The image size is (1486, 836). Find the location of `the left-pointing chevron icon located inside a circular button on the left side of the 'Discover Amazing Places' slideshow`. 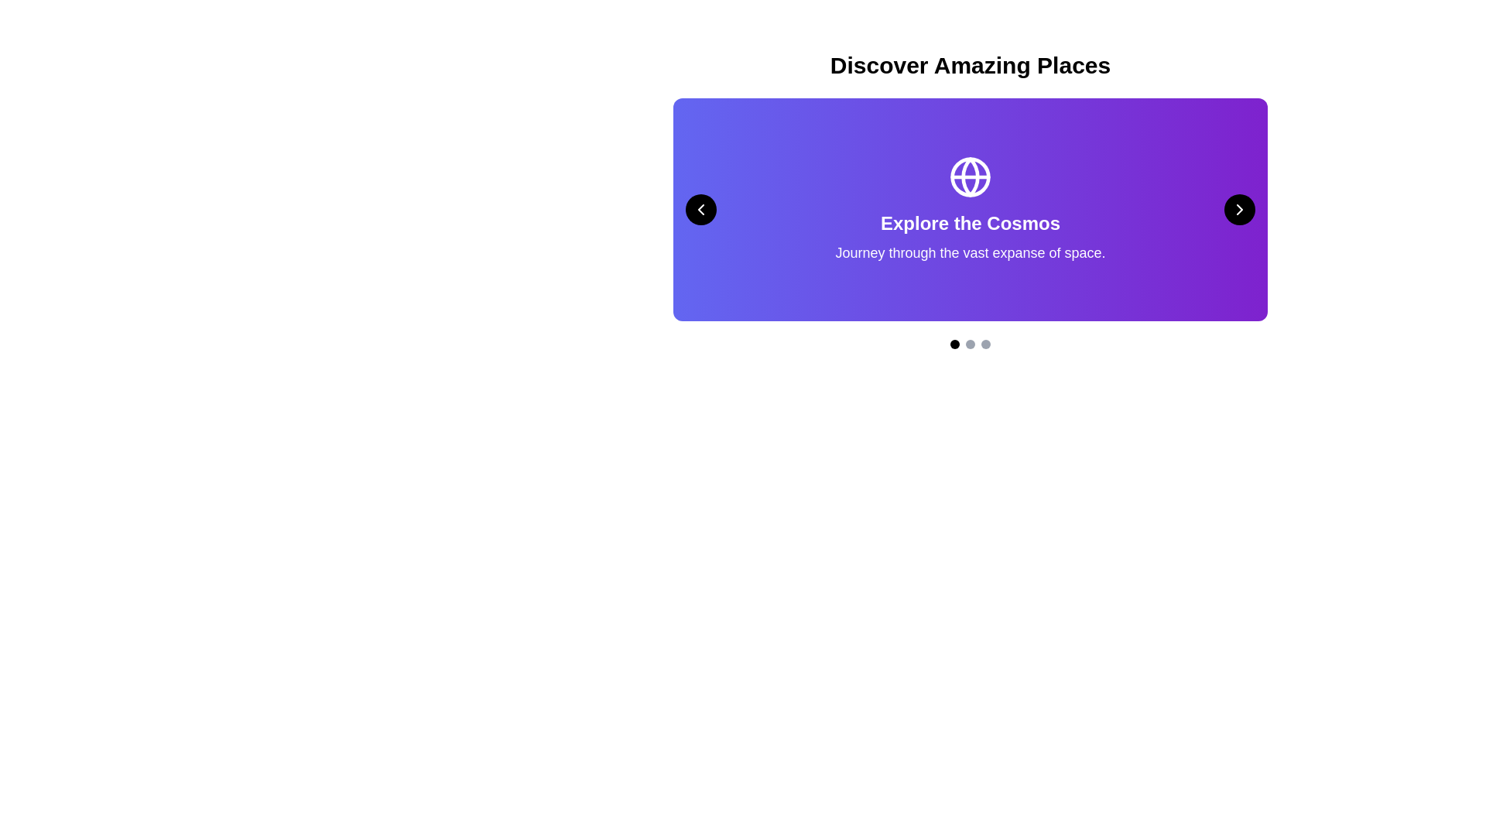

the left-pointing chevron icon located inside a circular button on the left side of the 'Discover Amazing Places' slideshow is located at coordinates (700, 209).